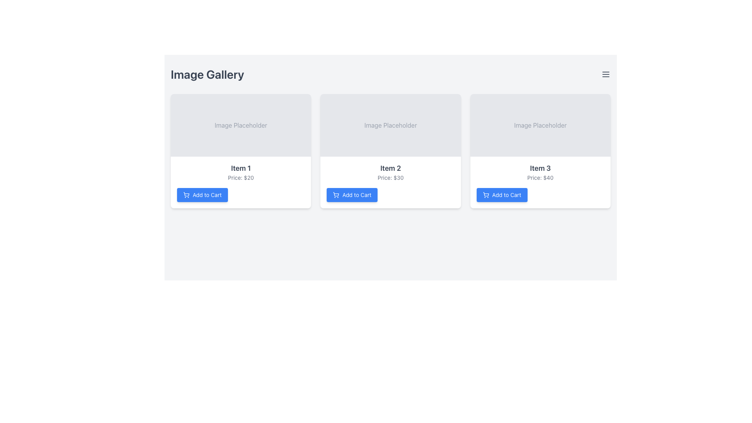  What do you see at coordinates (240, 168) in the screenshot?
I see `the text label 'Item 1' which is displayed in a larger, bold gray font at the top of the card layout, directly below the image placeholder and above the text 'Price: $20'` at bounding box center [240, 168].